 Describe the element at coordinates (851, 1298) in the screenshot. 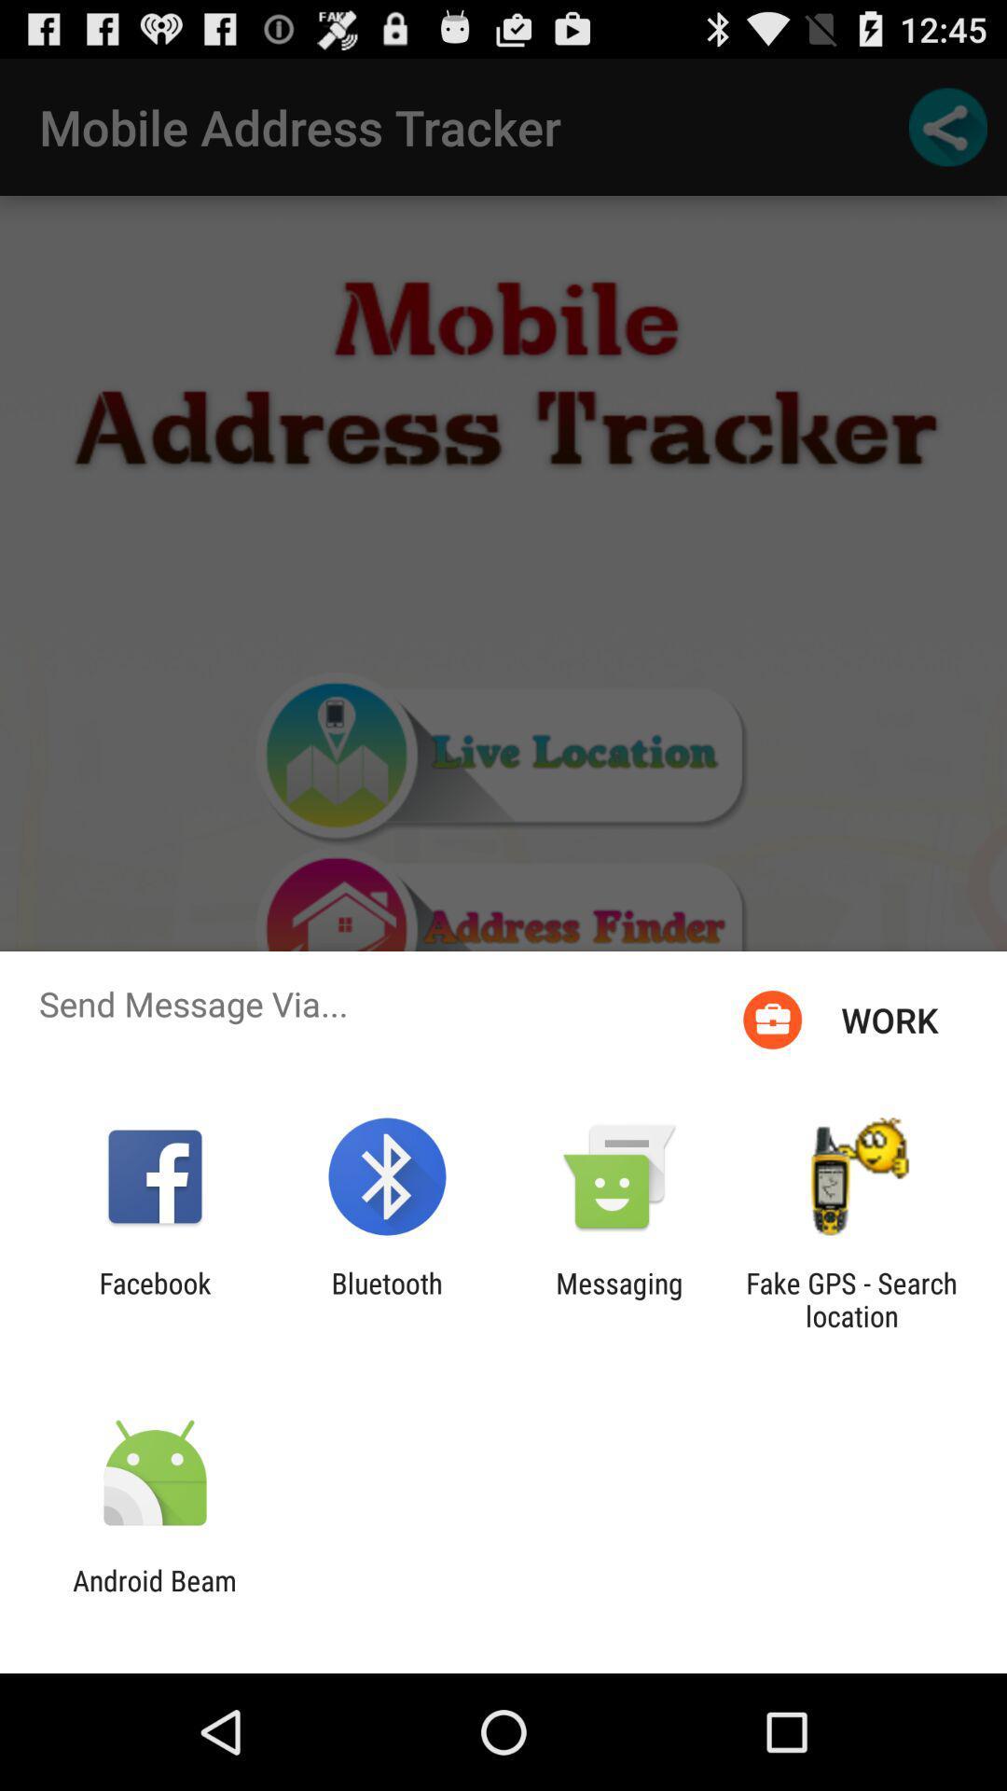

I see `the app next to messaging icon` at that location.